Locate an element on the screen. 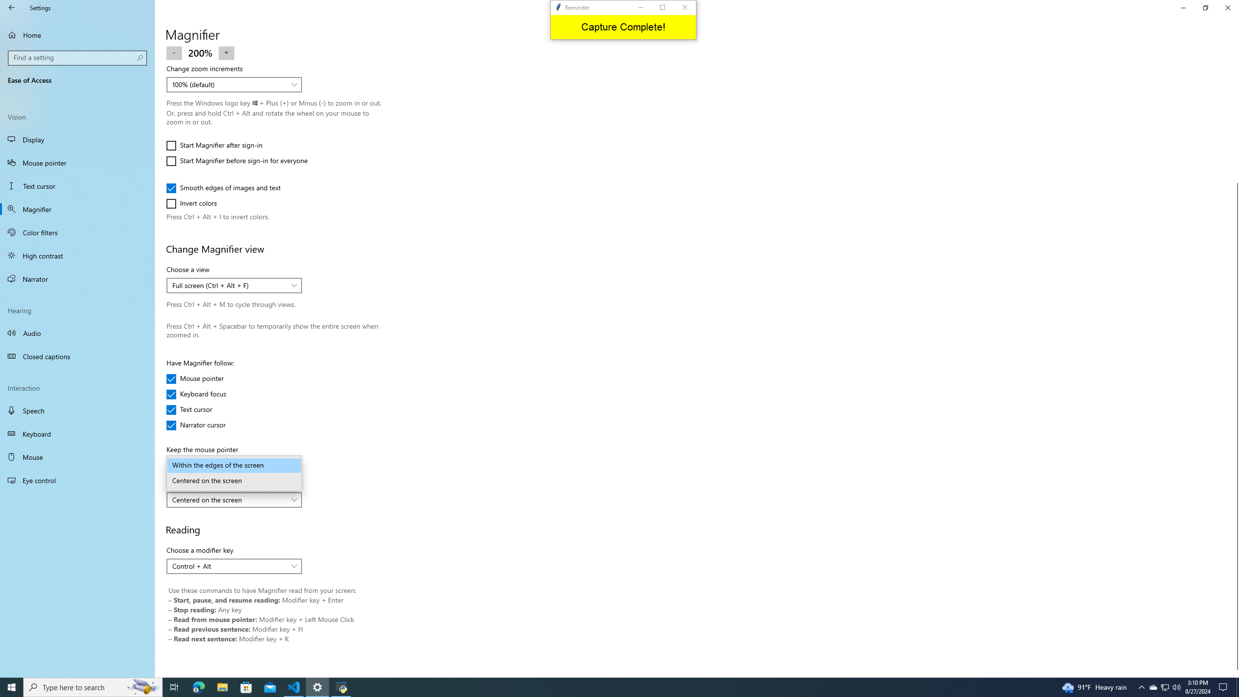  'Type here to search' is located at coordinates (92, 686).